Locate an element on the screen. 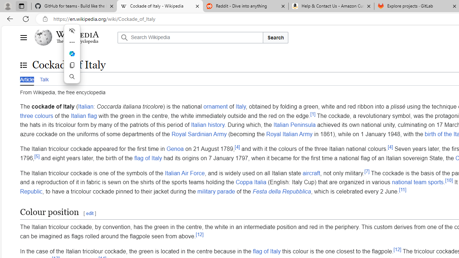 The height and width of the screenshot is (258, 459). 'Talk' is located at coordinates (43, 78).